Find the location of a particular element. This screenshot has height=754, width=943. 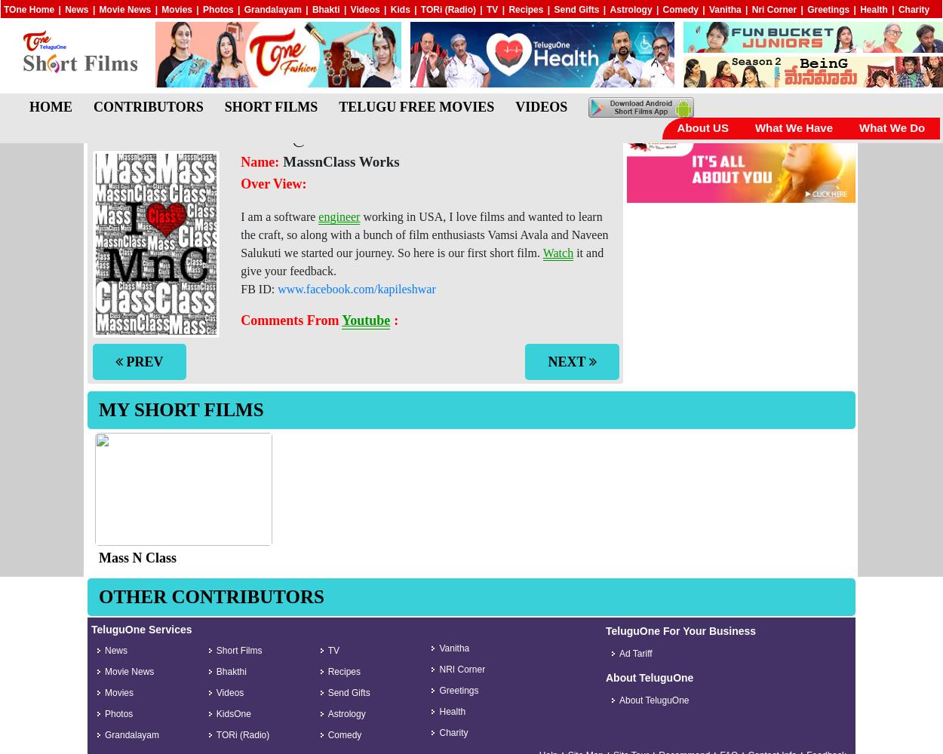

'TORi (Radio)' is located at coordinates (447, 10).